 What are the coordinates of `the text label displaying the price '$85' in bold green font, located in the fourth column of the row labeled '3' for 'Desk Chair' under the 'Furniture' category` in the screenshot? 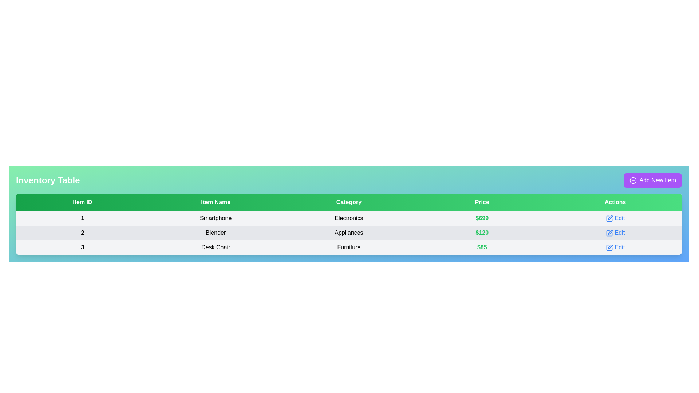 It's located at (482, 247).